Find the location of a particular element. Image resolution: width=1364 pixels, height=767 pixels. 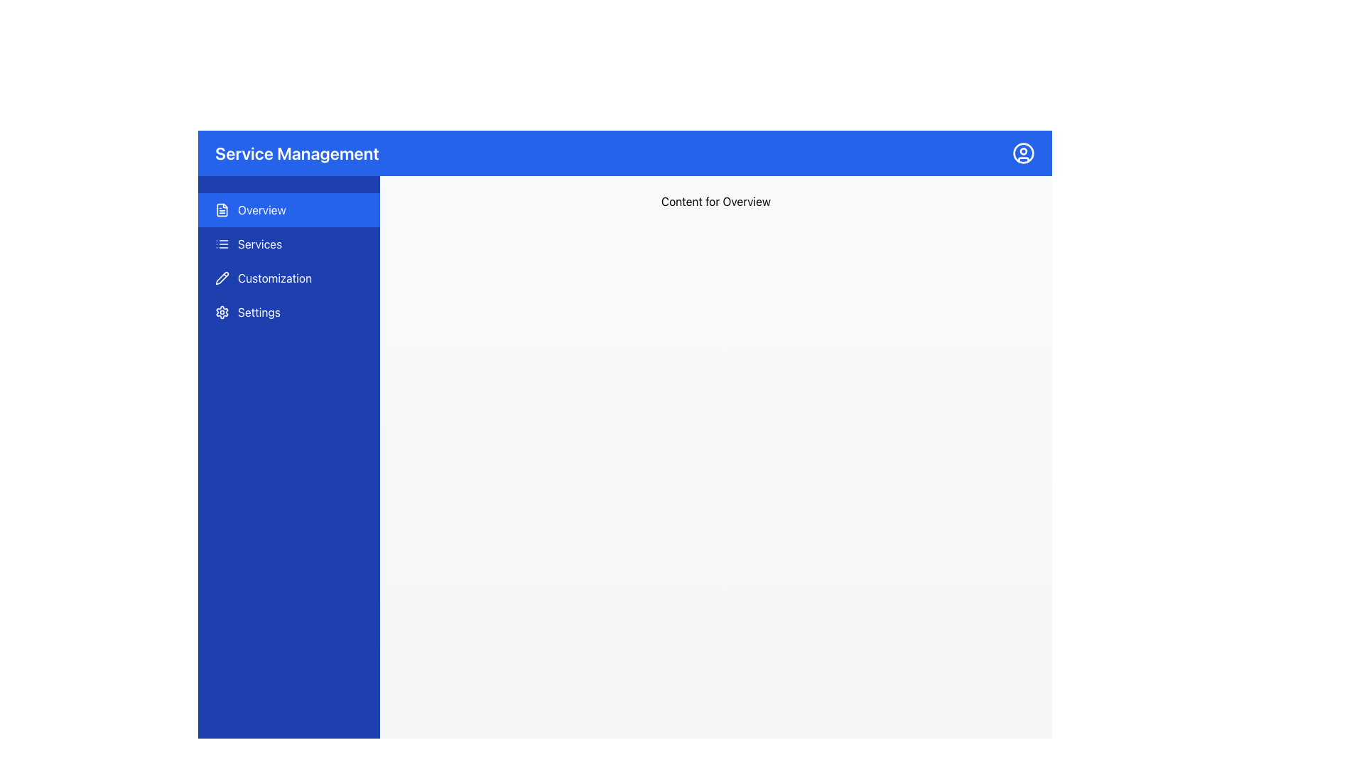

the 'Services' horizontal menu item in the vertical navigation bar is located at coordinates (288, 243).